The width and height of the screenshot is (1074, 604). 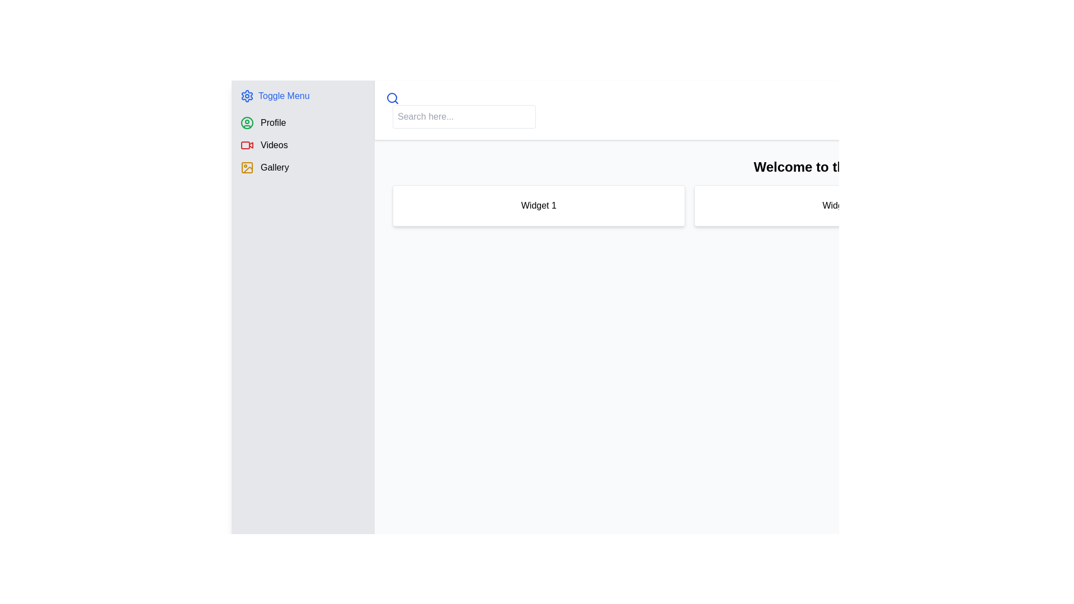 I want to click on the blue magnifying glass icon located at the left side of the search bar to initiate a search, so click(x=392, y=98).